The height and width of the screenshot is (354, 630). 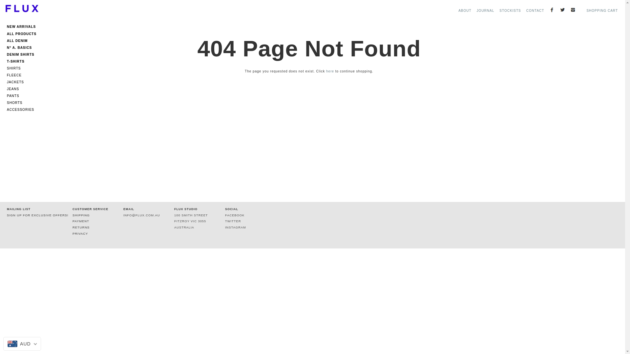 What do you see at coordinates (602, 10) in the screenshot?
I see `'SHOPPING CART'` at bounding box center [602, 10].